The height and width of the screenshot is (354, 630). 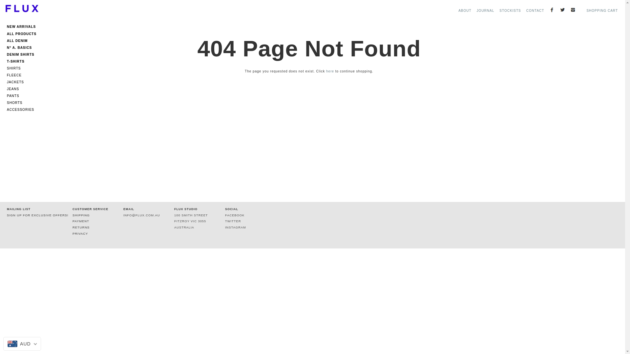 What do you see at coordinates (602, 10) in the screenshot?
I see `'SHOPPING CART'` at bounding box center [602, 10].